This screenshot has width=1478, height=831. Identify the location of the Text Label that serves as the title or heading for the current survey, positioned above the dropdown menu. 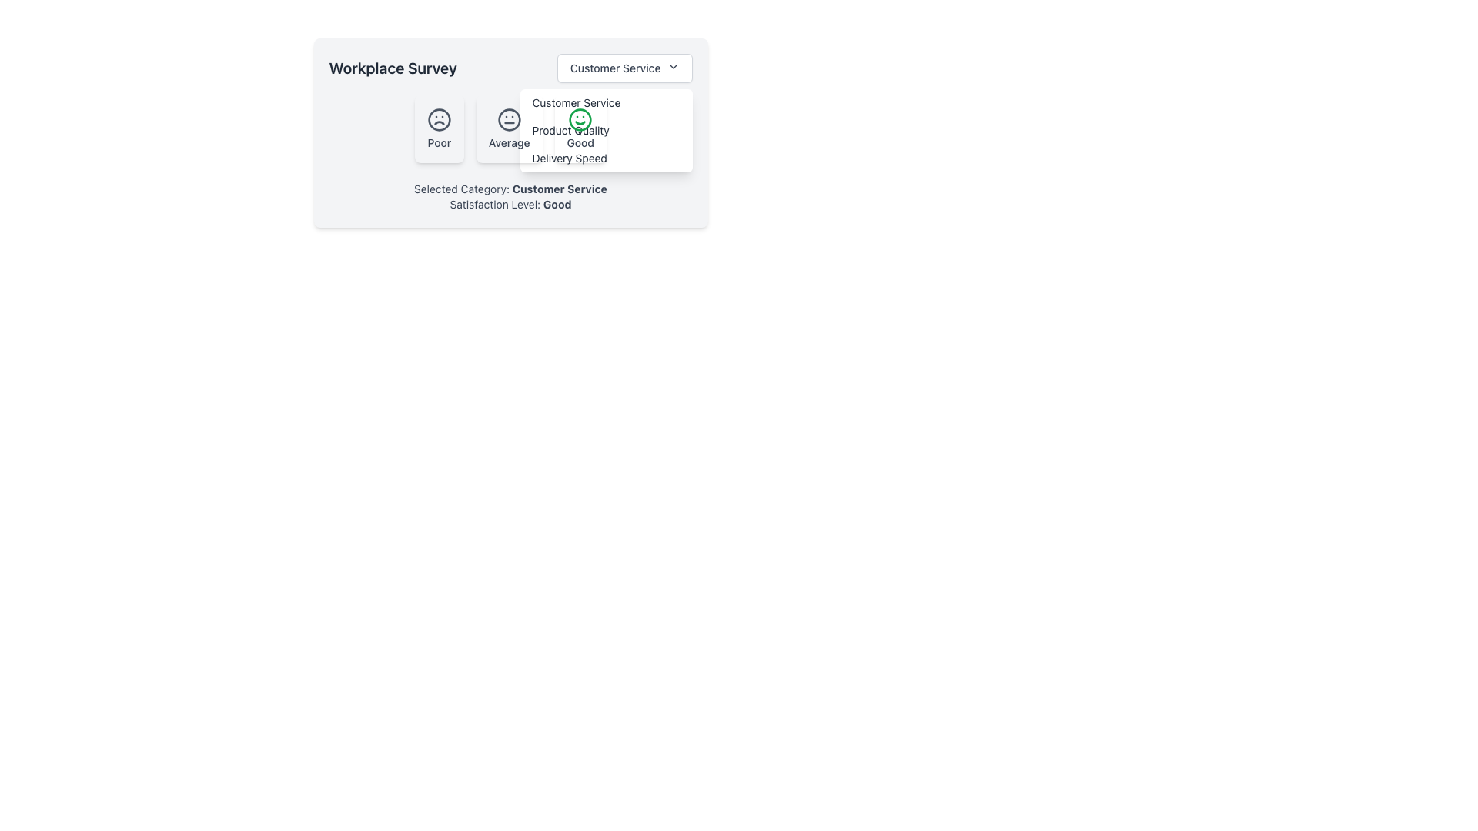
(393, 67).